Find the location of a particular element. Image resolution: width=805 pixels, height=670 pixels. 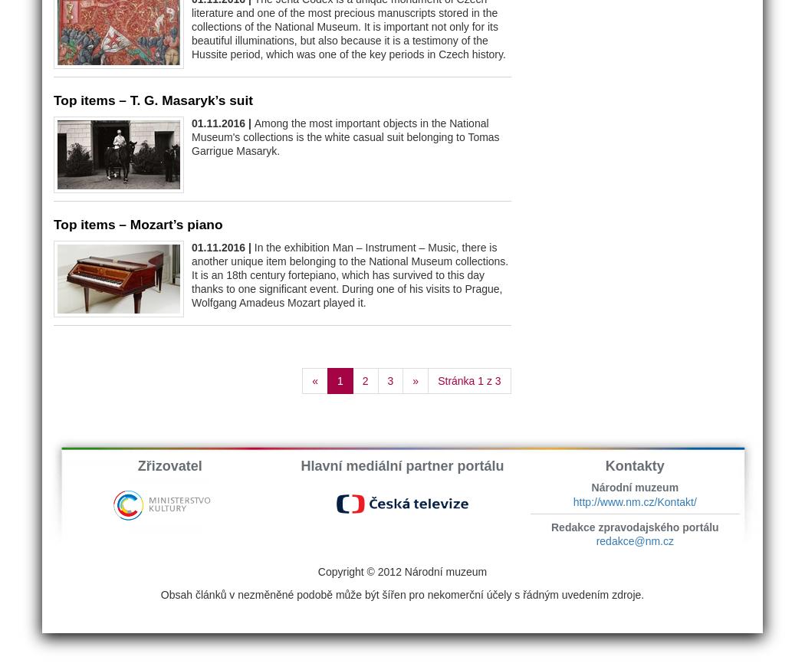

'Top items – Mozart’s piano' is located at coordinates (53, 223).